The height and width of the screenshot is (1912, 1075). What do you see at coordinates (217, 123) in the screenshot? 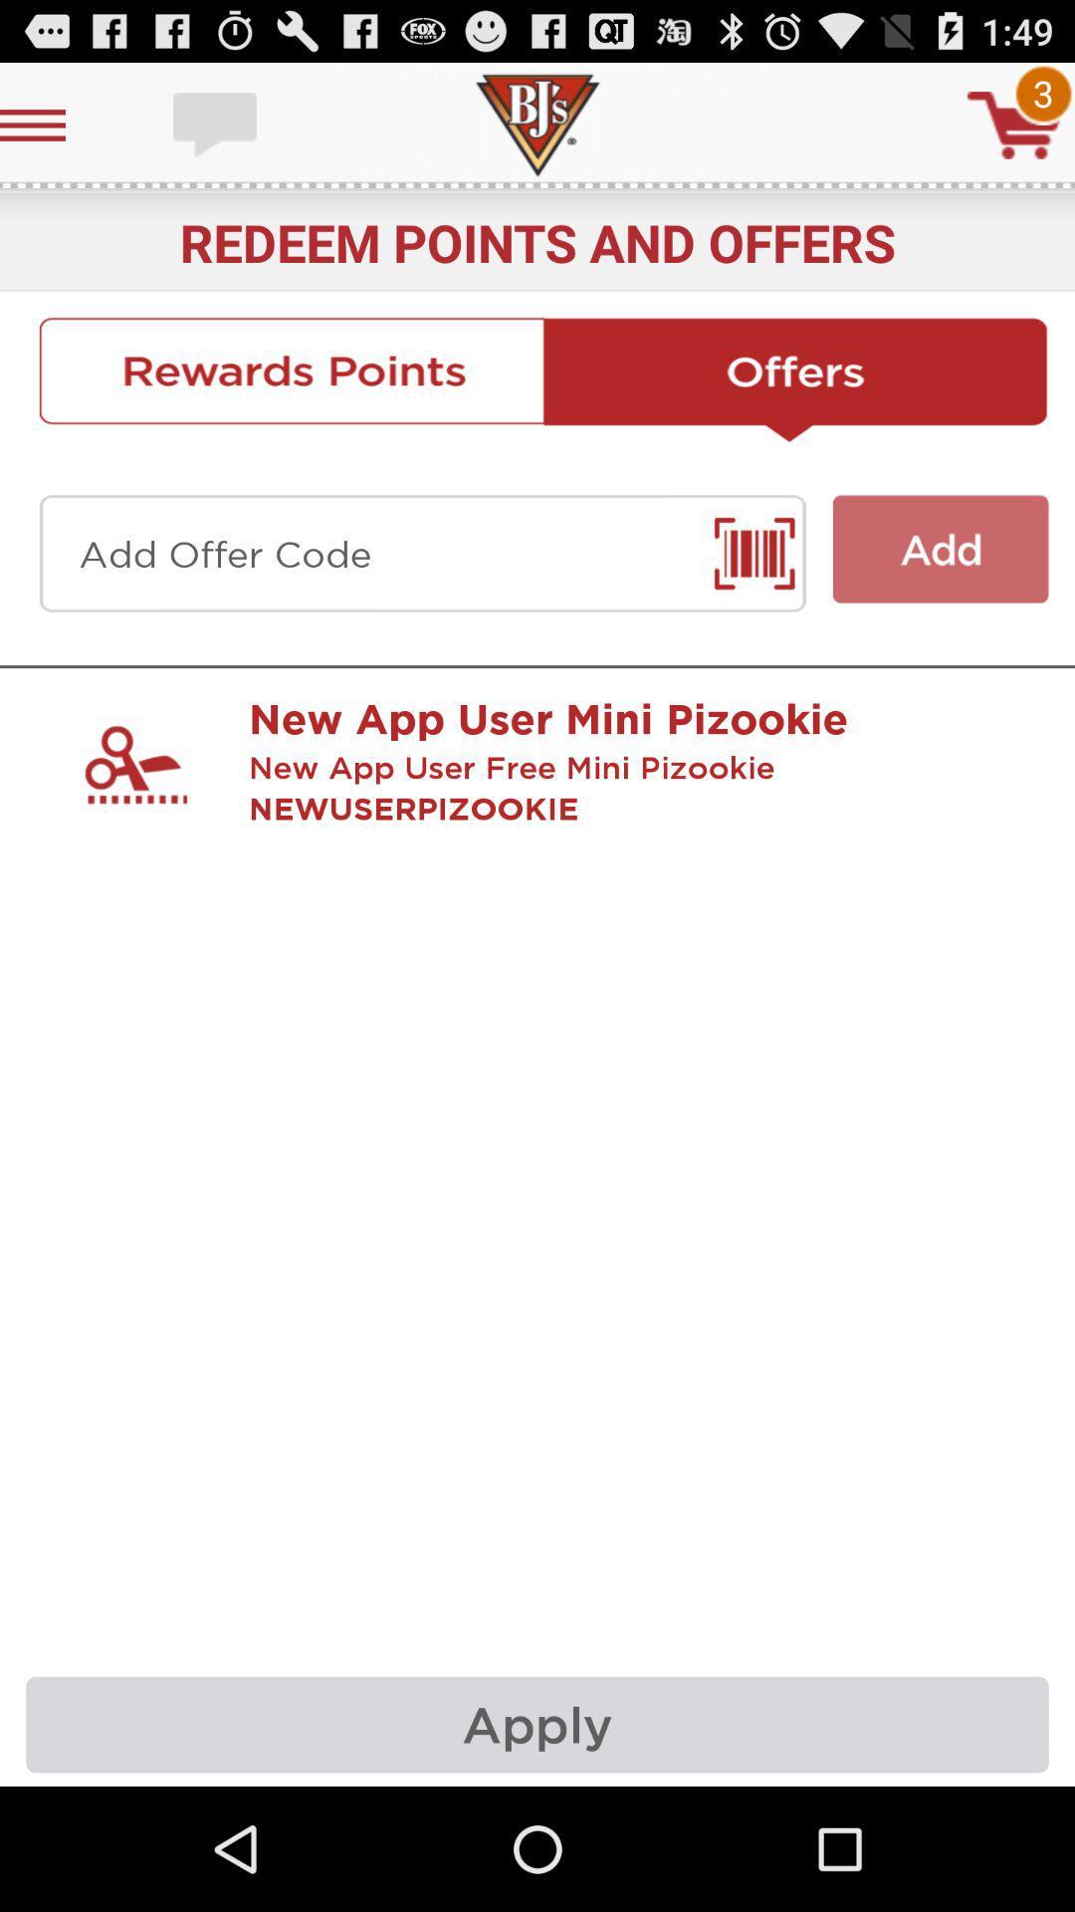
I see `chats` at bounding box center [217, 123].